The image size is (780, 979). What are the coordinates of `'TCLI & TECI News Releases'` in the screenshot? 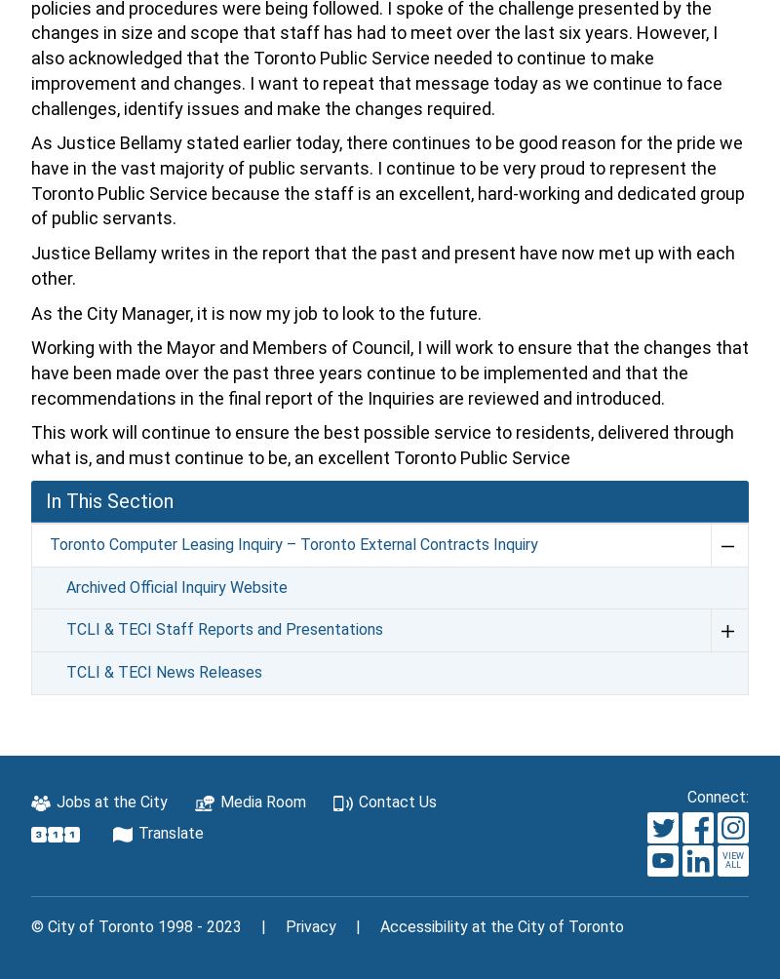 It's located at (163, 671).